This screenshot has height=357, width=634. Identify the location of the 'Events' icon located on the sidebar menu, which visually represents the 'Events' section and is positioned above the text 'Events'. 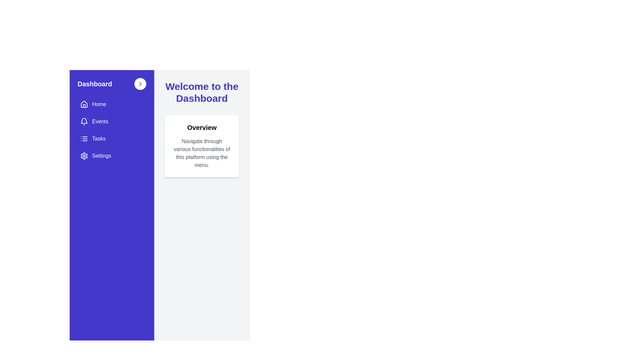
(84, 121).